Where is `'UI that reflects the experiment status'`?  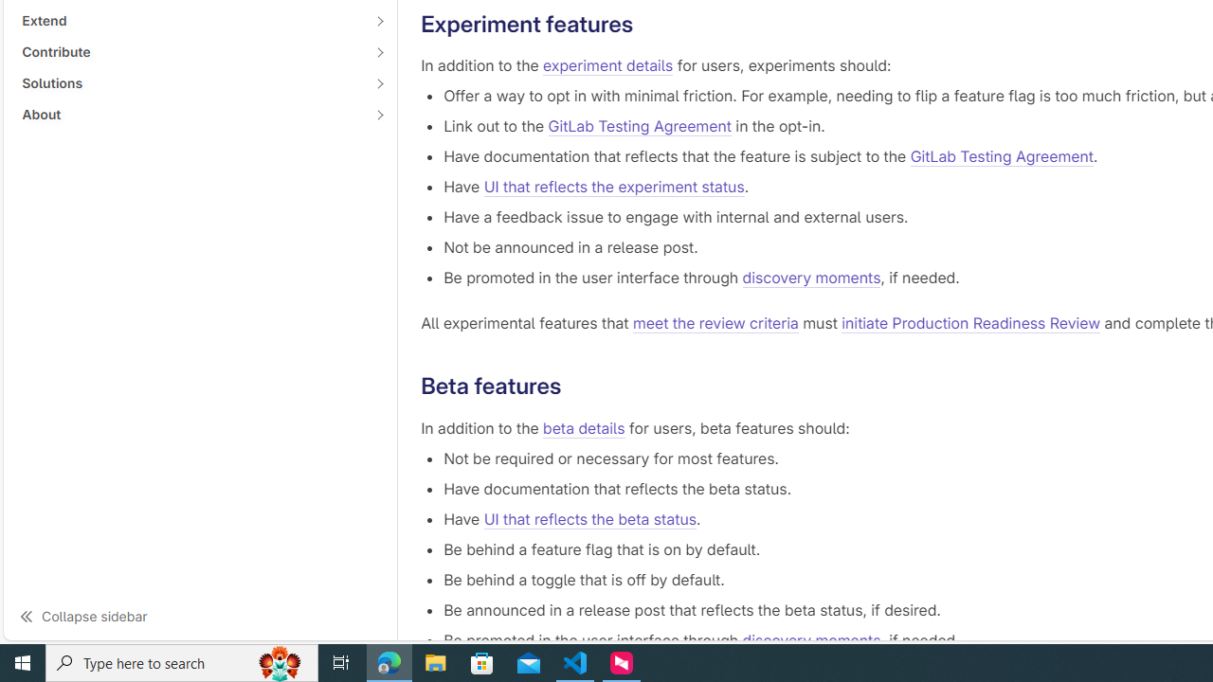
'UI that reflects the experiment status' is located at coordinates (613, 188).